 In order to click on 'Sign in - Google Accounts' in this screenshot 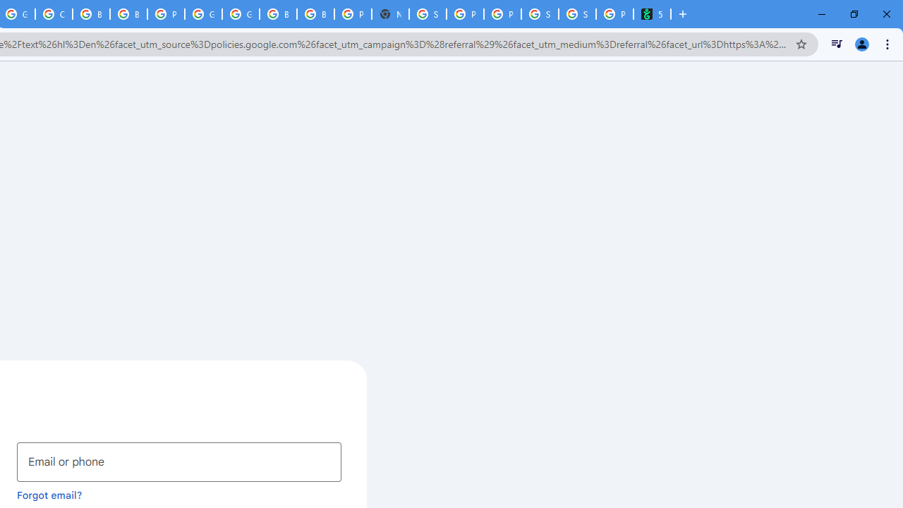, I will do `click(427, 14)`.